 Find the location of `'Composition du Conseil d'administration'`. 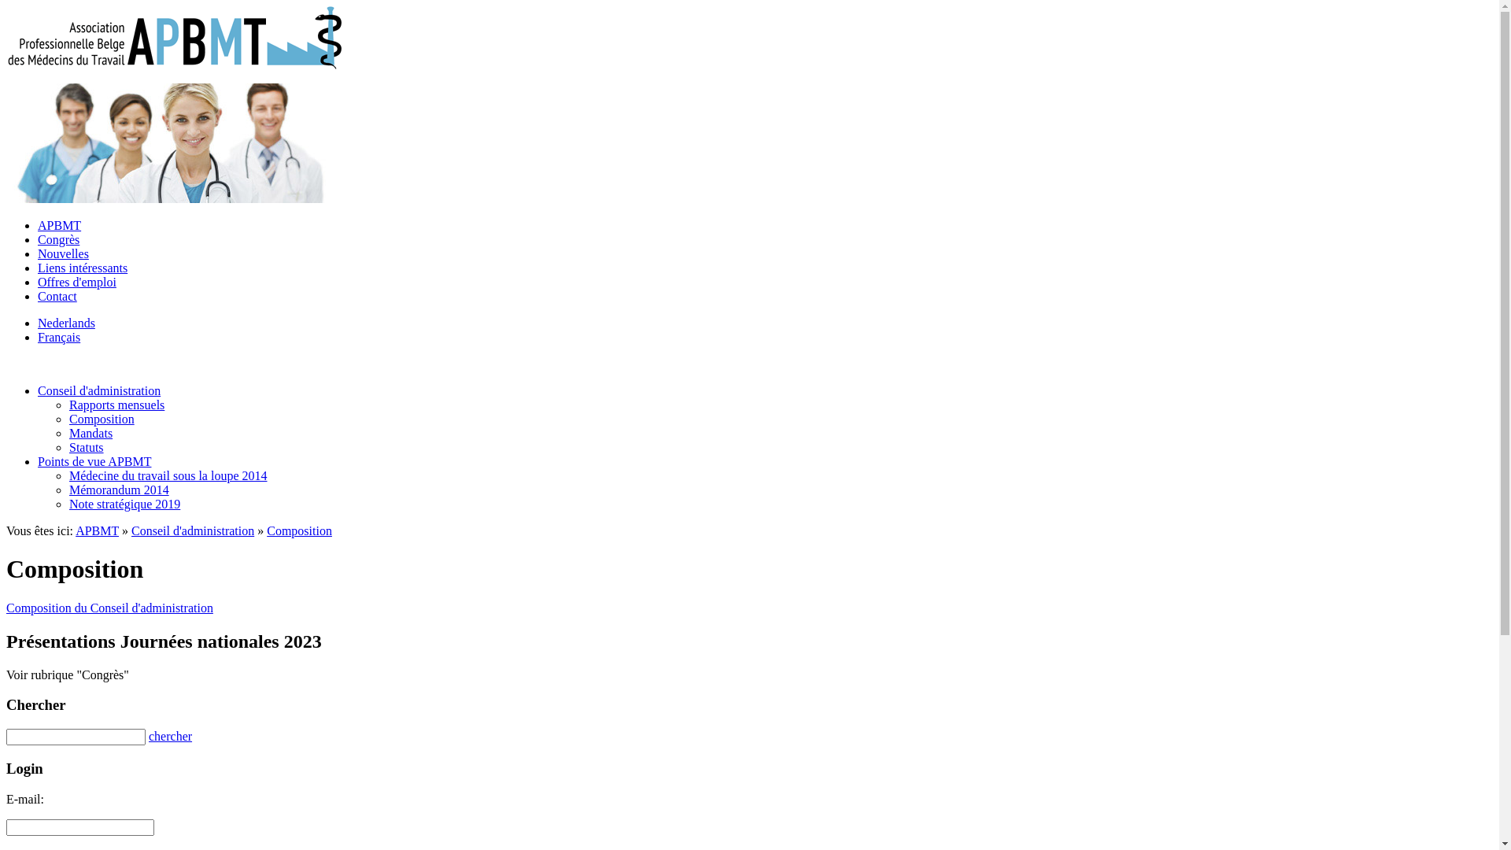

'Composition du Conseil d'administration' is located at coordinates (109, 607).